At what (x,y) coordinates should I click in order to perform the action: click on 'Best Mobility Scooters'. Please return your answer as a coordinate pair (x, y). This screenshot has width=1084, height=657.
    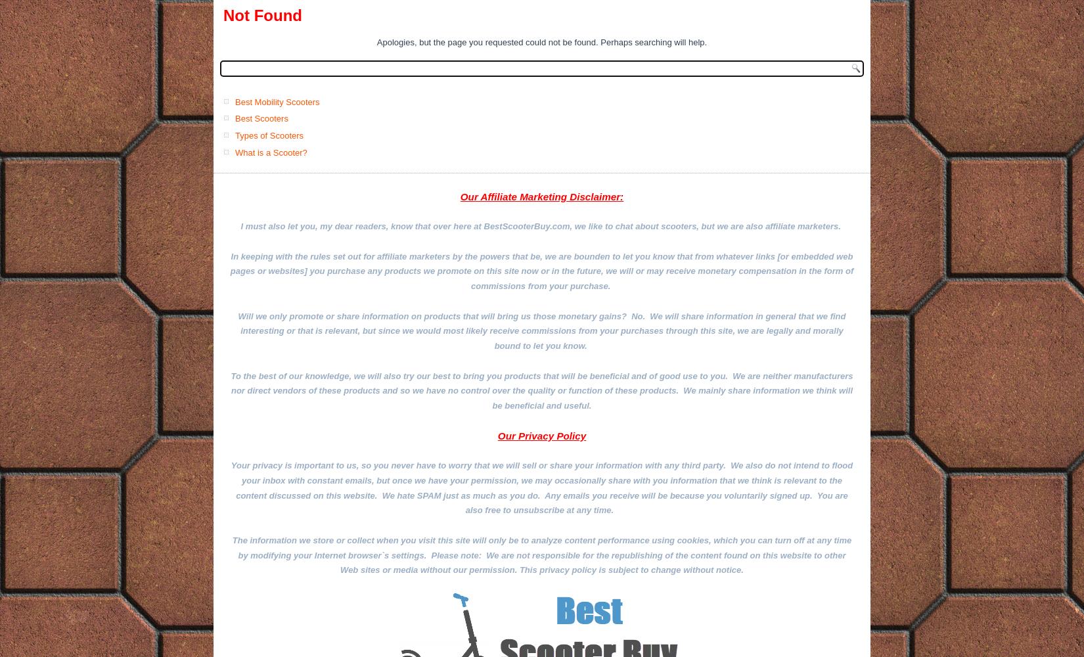
    Looking at the image, I should click on (277, 101).